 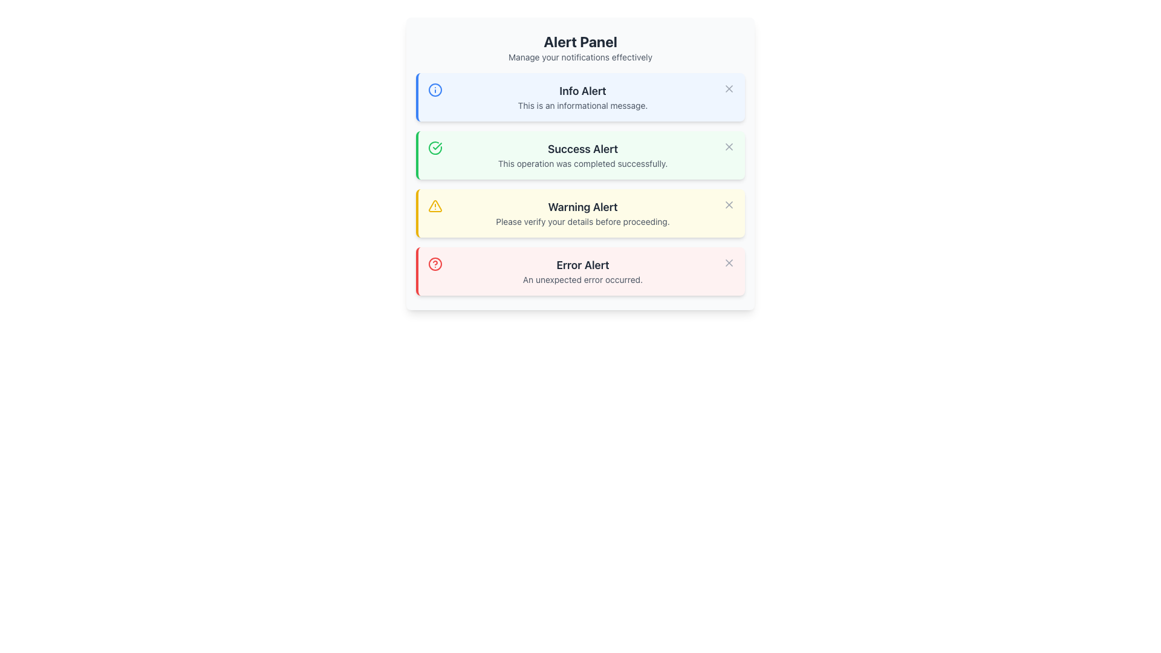 What do you see at coordinates (728, 146) in the screenshot?
I see `the small 'X' icon located in the top-right corner of the 'Success Alert' box` at bounding box center [728, 146].